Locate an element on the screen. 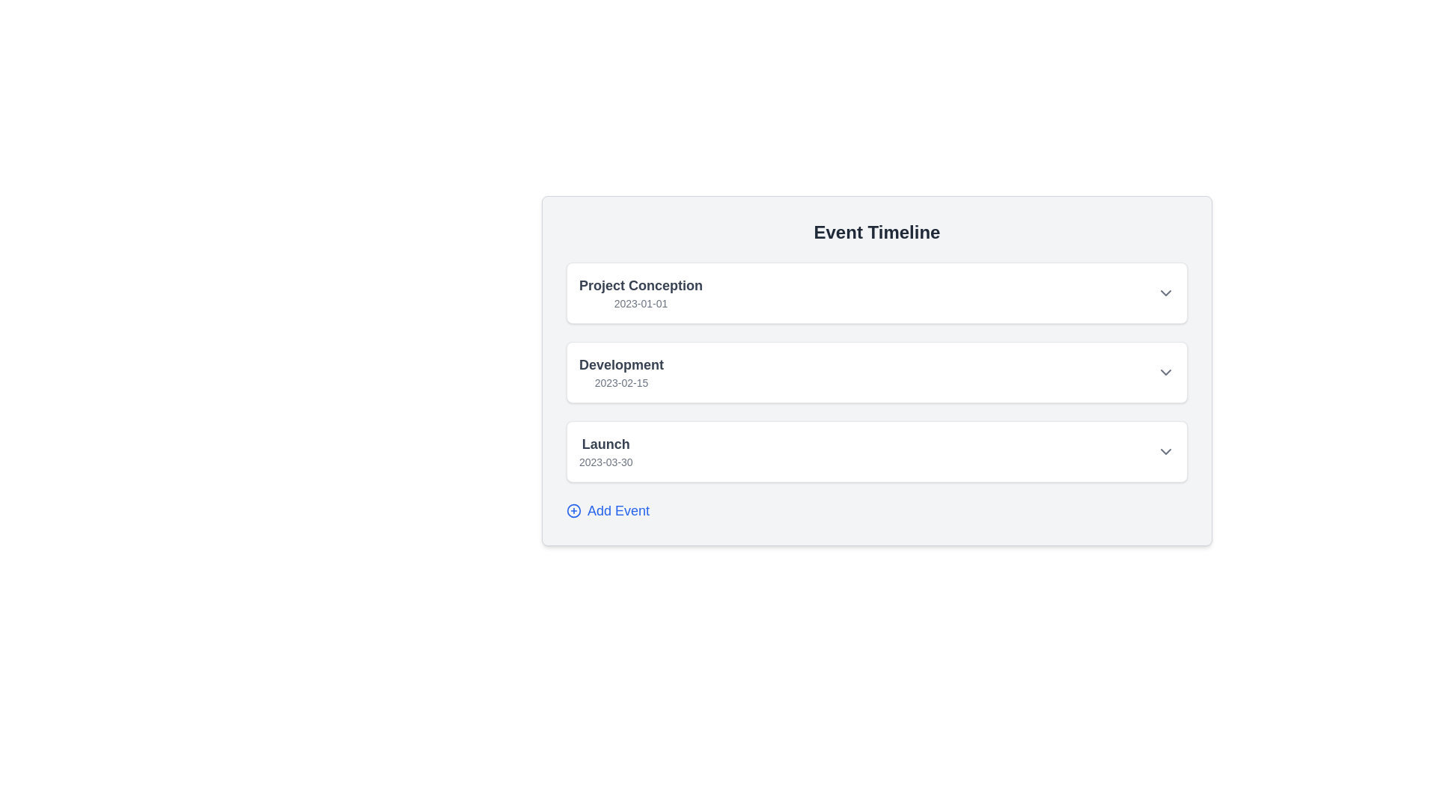  the static text element displaying the date, which is located underneath the bold title 'Launch' and styled with a smaller font size and muted gray color is located at coordinates (605, 461).